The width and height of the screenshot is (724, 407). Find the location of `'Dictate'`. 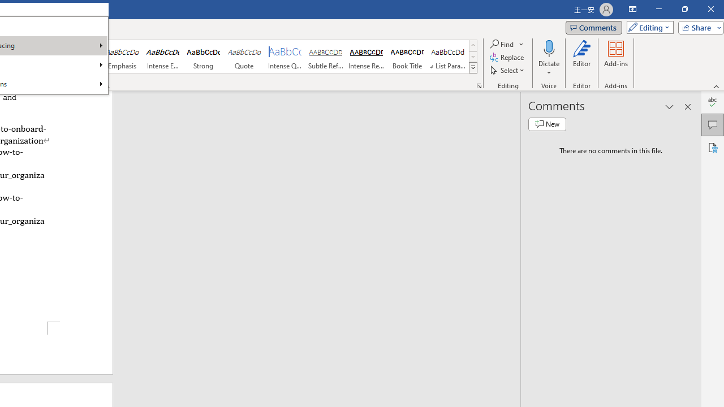

'Dictate' is located at coordinates (549, 58).